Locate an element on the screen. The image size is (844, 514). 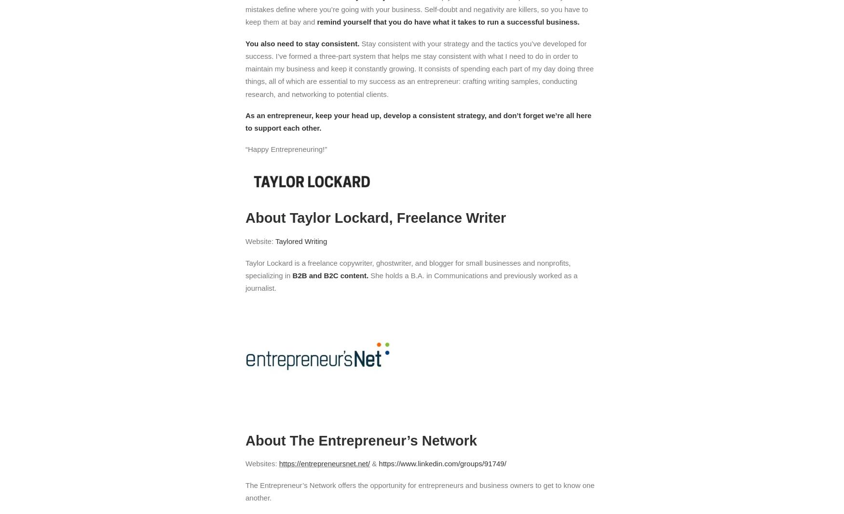
'Stay consistent with your strategy and the tactics you’ve developed for success. I’ve formed a three-part system that helps me stay consistent with what I need to do in order to maintain my business and keep it constantly growing. It consists of spending each part of my day doing three things, all of which are essential to my success as an entrepreneur: crafting writing samples, conducting research, and networking to potential clients.' is located at coordinates (419, 68).